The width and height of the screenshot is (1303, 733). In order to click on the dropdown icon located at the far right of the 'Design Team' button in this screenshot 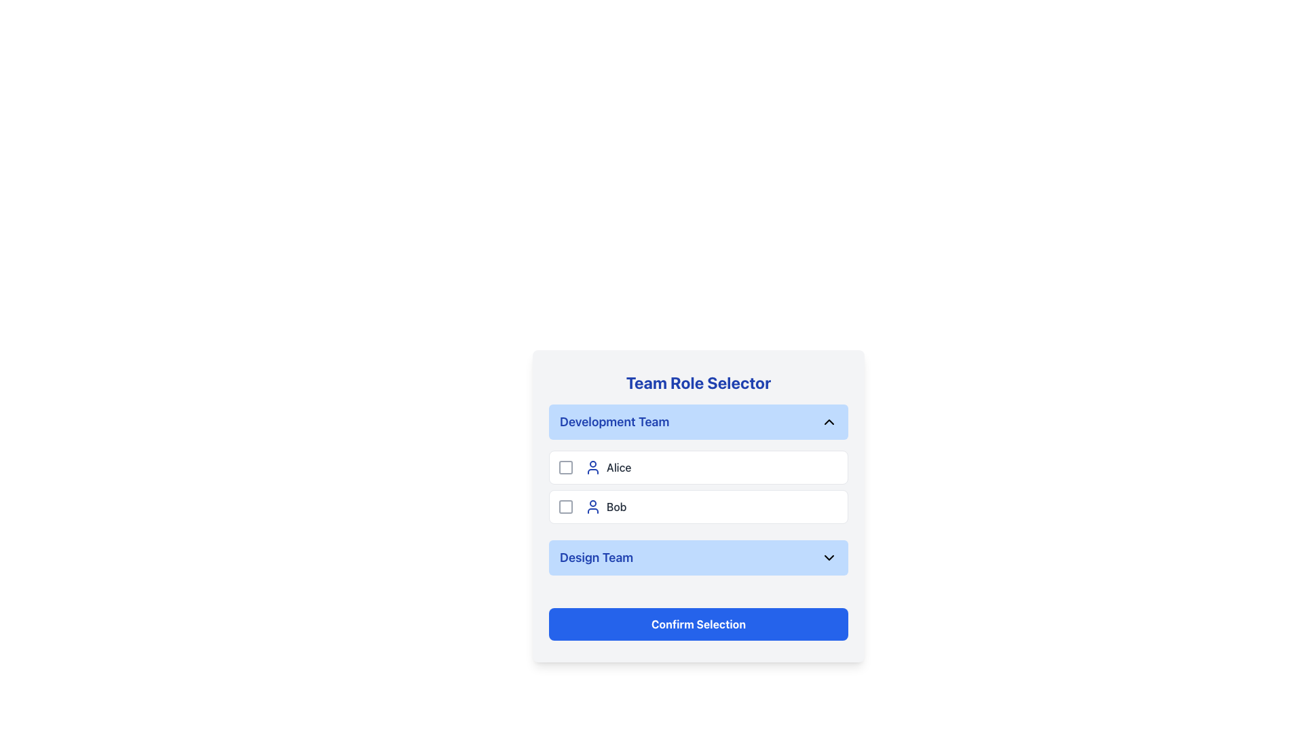, I will do `click(829, 557)`.